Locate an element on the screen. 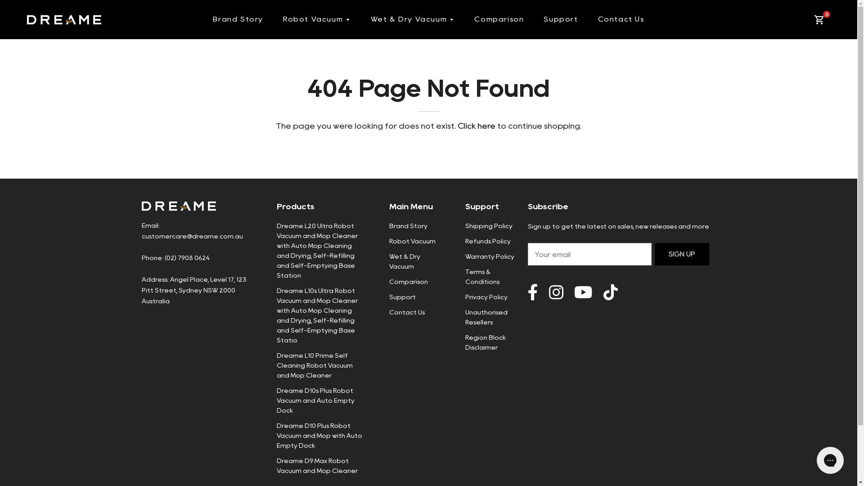  'Unauthorised Resellers' is located at coordinates (465, 317).